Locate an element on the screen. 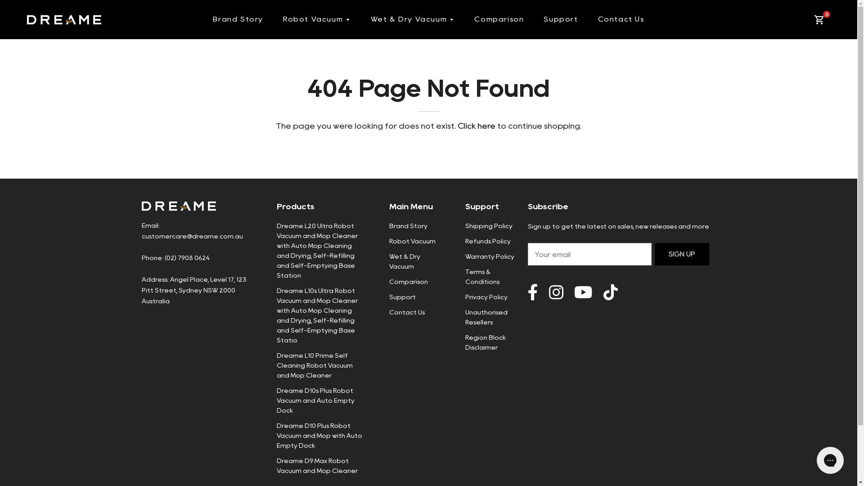  'Unauthorised Resellers' is located at coordinates (465, 317).